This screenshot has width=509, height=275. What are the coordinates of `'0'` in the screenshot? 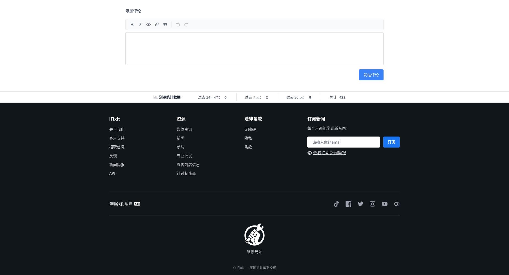 It's located at (225, 97).